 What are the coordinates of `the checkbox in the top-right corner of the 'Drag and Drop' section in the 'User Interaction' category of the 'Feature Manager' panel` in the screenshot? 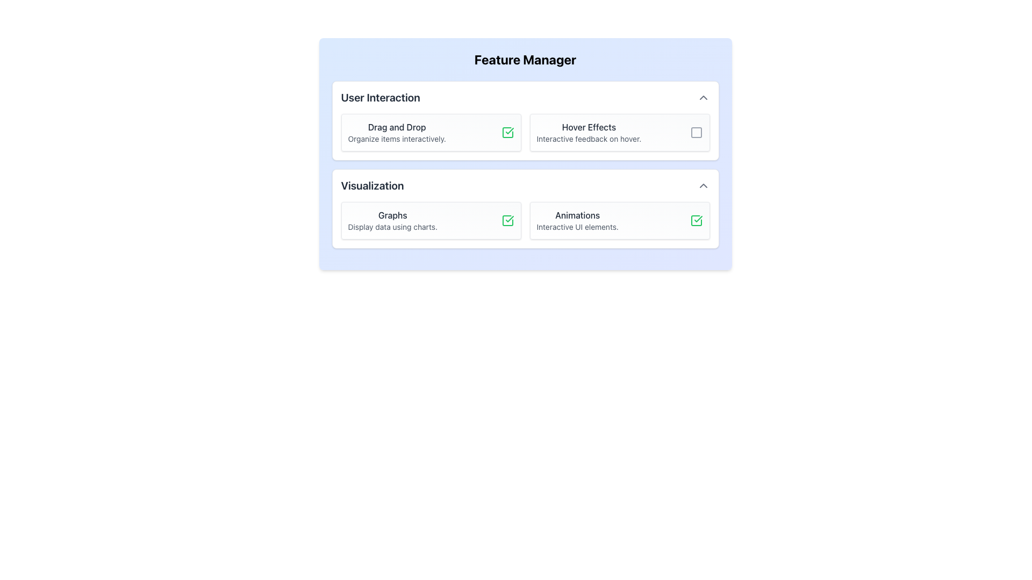 It's located at (507, 132).